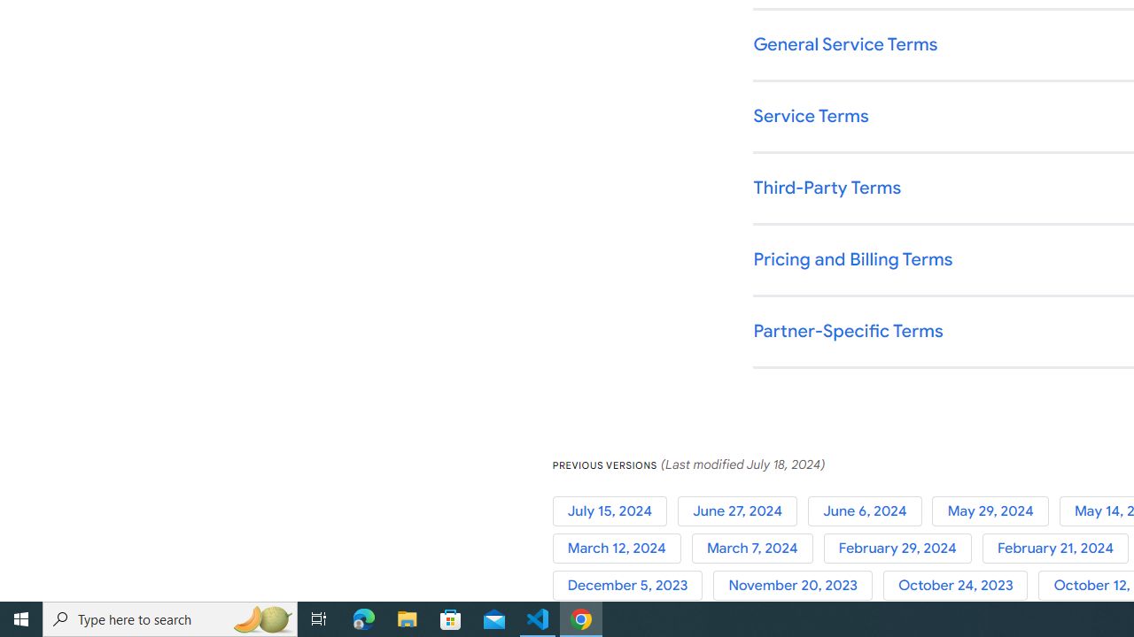 The width and height of the screenshot is (1134, 637). What do you see at coordinates (615, 510) in the screenshot?
I see `'July 15, 2024'` at bounding box center [615, 510].